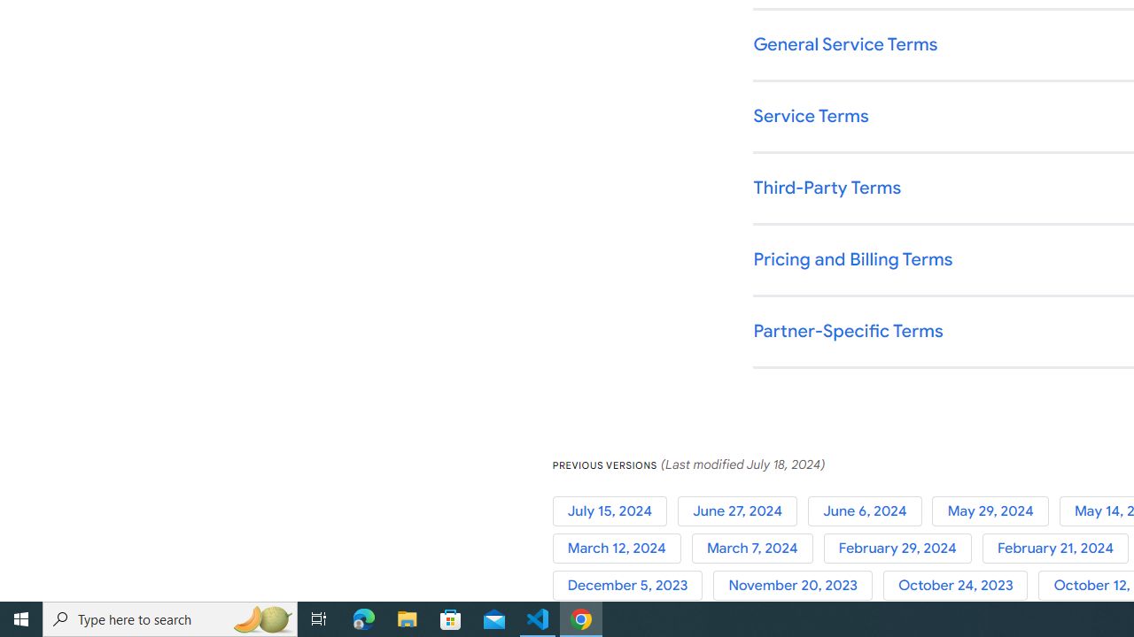 The width and height of the screenshot is (1134, 637). What do you see at coordinates (615, 510) in the screenshot?
I see `'July 15, 2024'` at bounding box center [615, 510].